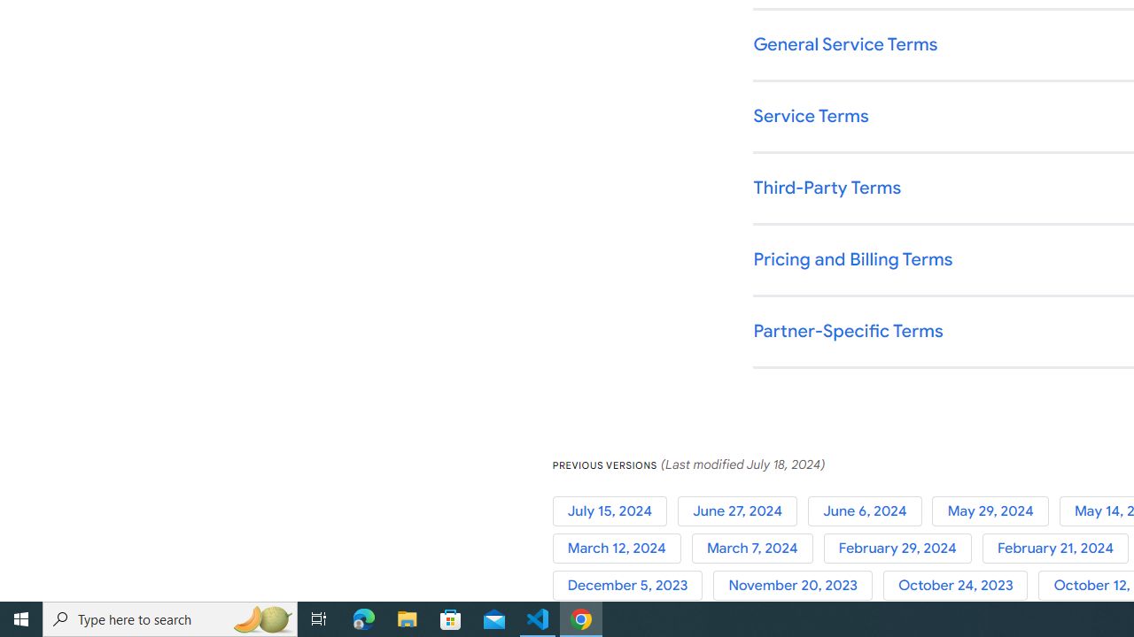 The width and height of the screenshot is (1134, 637). What do you see at coordinates (615, 510) in the screenshot?
I see `'July 15, 2024'` at bounding box center [615, 510].